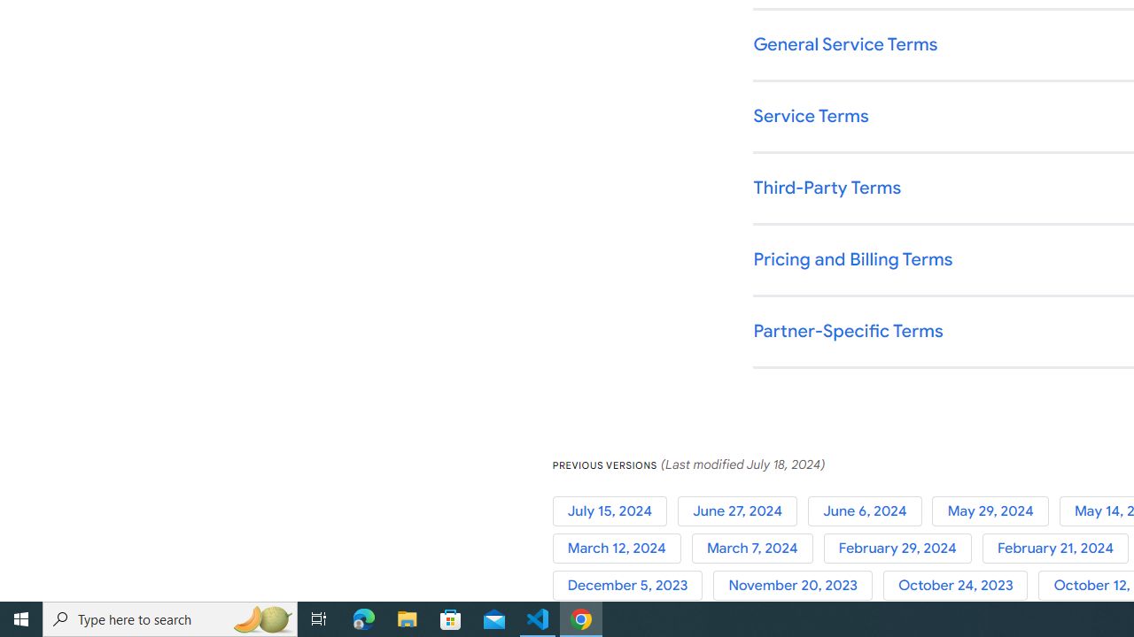 The width and height of the screenshot is (1134, 637). What do you see at coordinates (615, 510) in the screenshot?
I see `'July 15, 2024'` at bounding box center [615, 510].